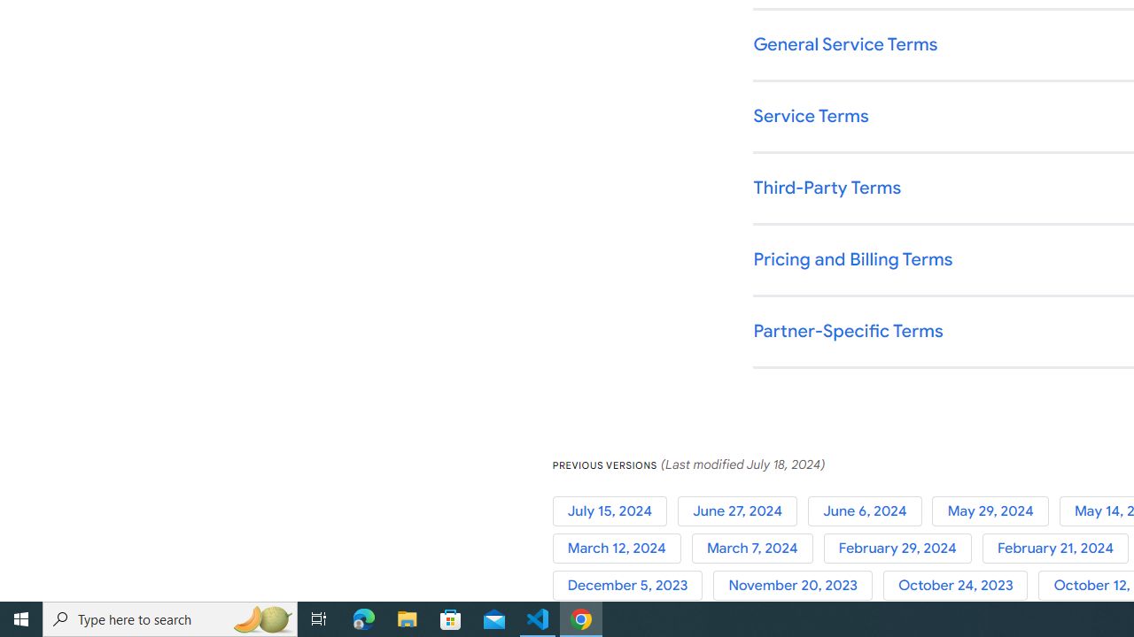 The width and height of the screenshot is (1134, 637). What do you see at coordinates (615, 510) in the screenshot?
I see `'July 15, 2024'` at bounding box center [615, 510].